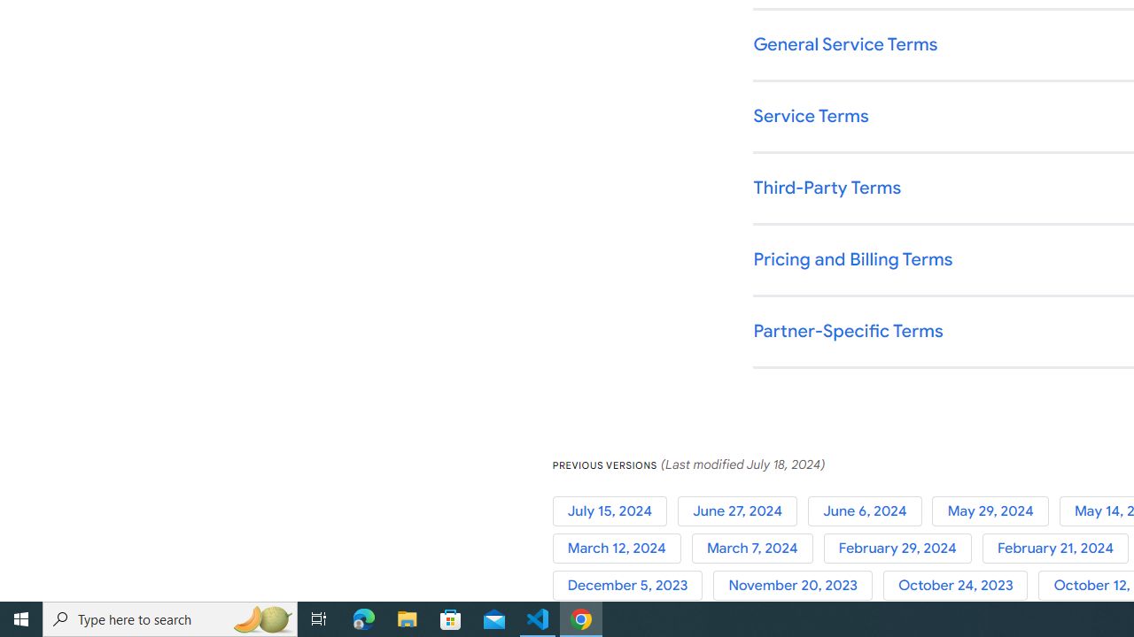 The width and height of the screenshot is (1134, 637). What do you see at coordinates (615, 510) in the screenshot?
I see `'July 15, 2024'` at bounding box center [615, 510].